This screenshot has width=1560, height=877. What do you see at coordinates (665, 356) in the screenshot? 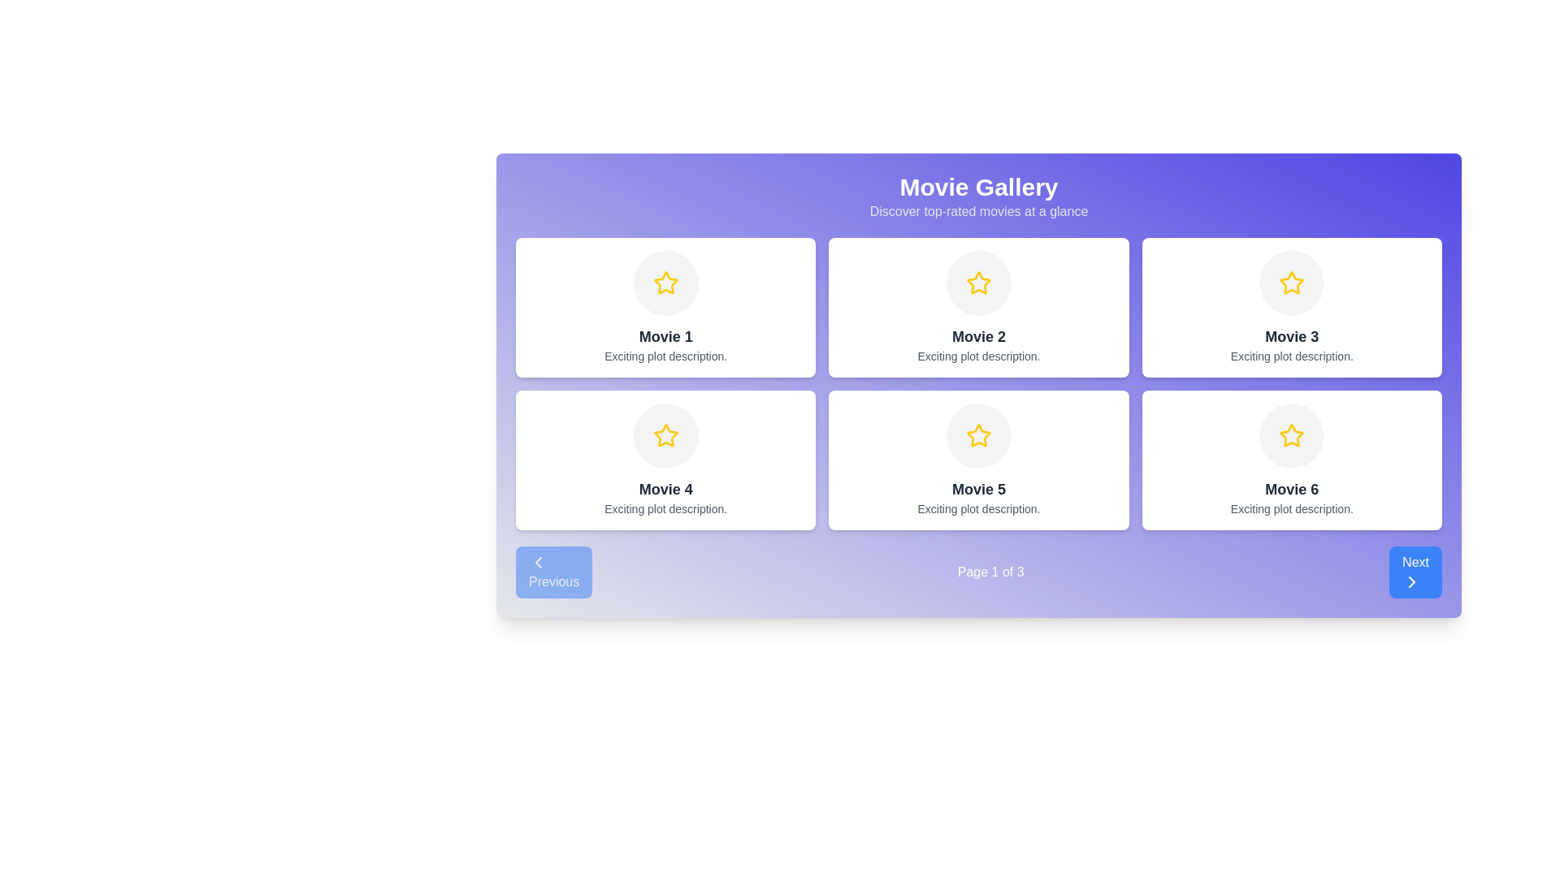
I see `the text block reading 'Exciting plot description.' located directly beneath the title 'Movie 1' in the first card of a 3x2 grid layout` at bounding box center [665, 356].